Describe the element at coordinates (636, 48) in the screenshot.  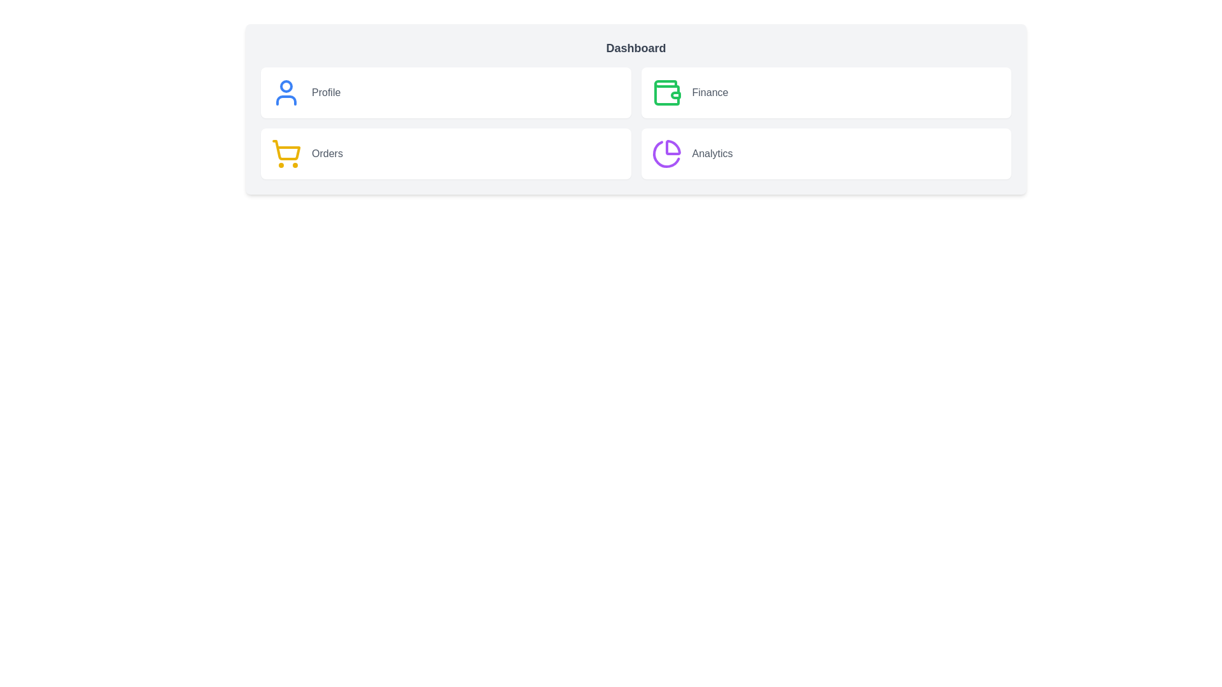
I see `the section header text component that identifies the context for the content below it` at that location.